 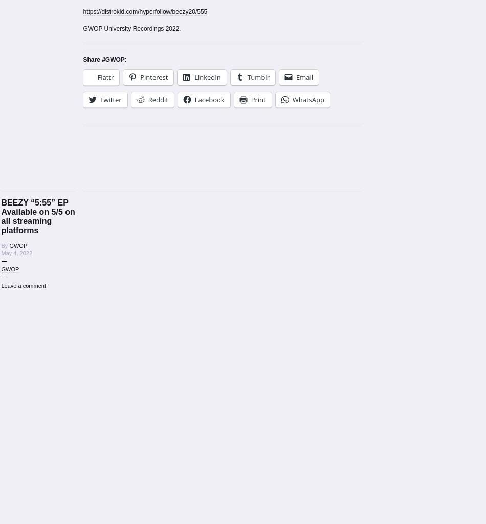 What do you see at coordinates (251, 99) in the screenshot?
I see `'Print'` at bounding box center [251, 99].